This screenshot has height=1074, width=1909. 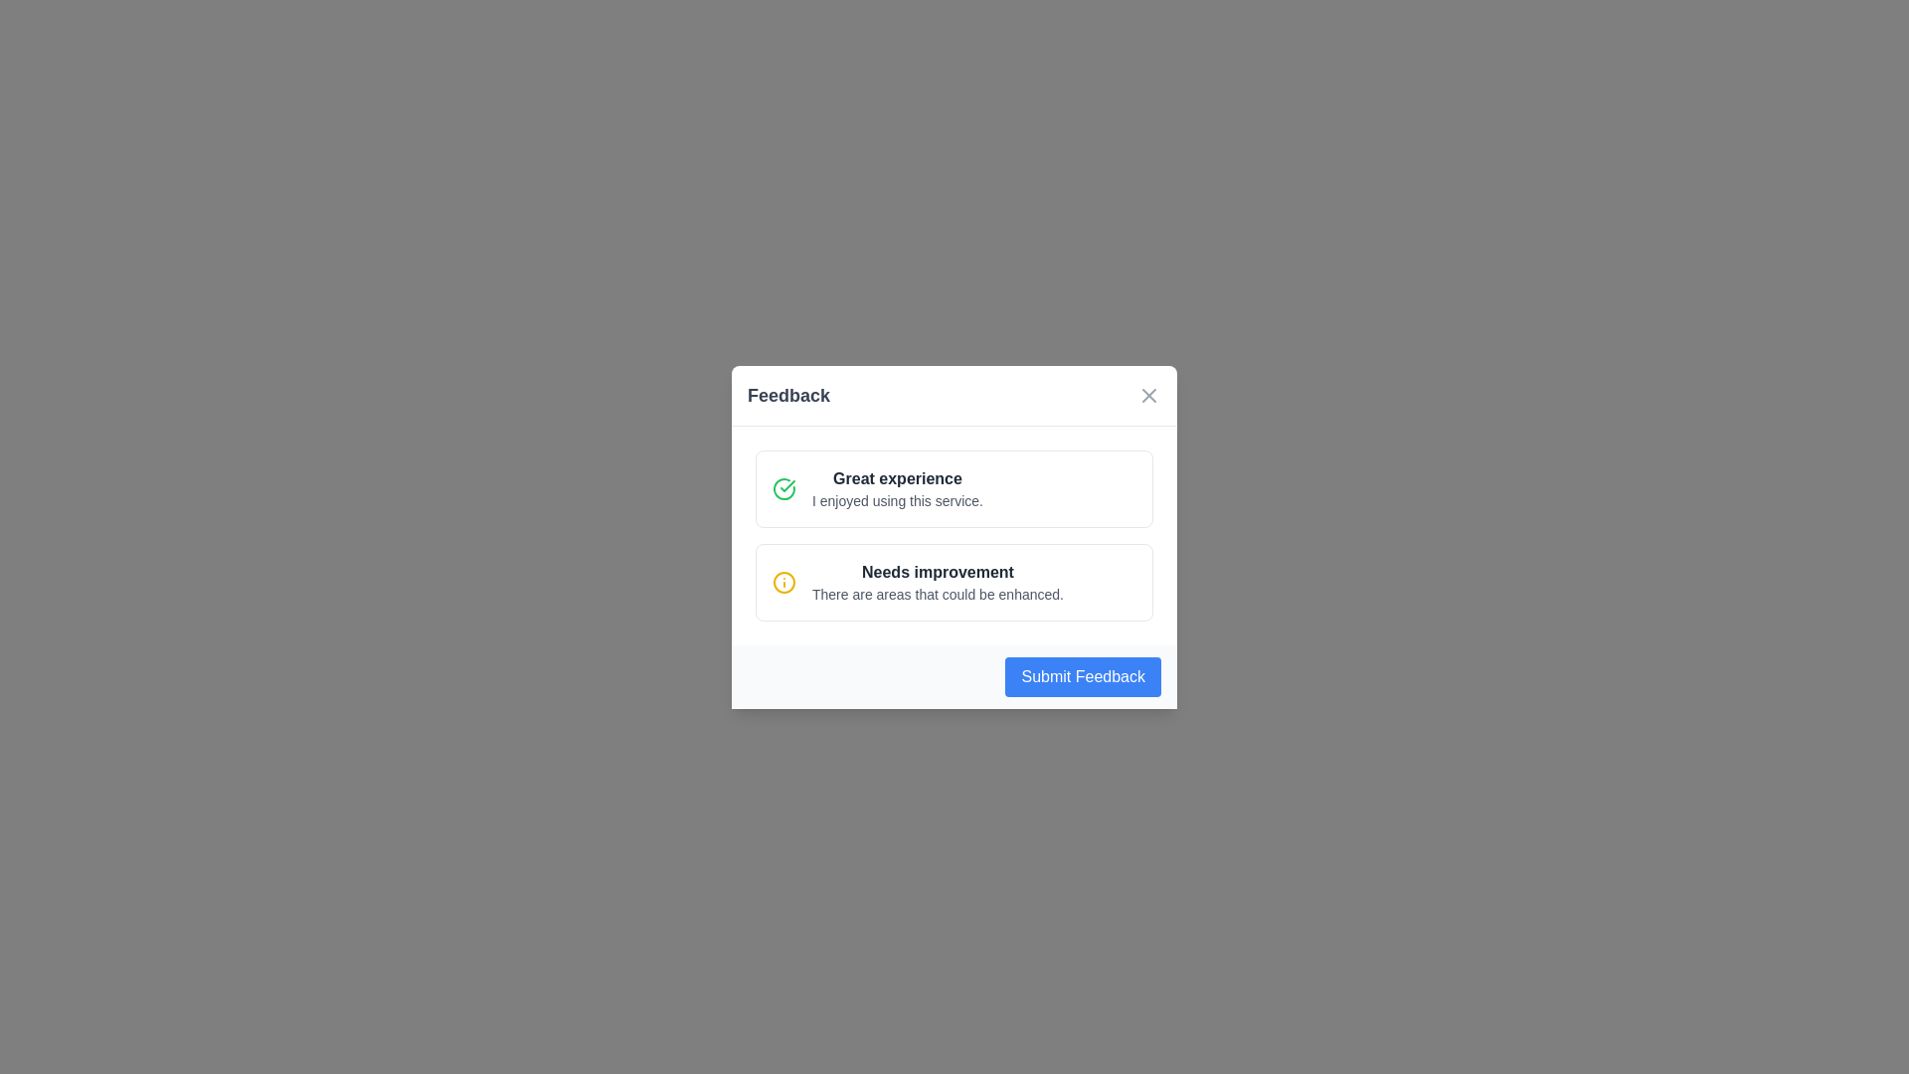 I want to click on the feedback option labeled 'Great experience', so click(x=954, y=488).